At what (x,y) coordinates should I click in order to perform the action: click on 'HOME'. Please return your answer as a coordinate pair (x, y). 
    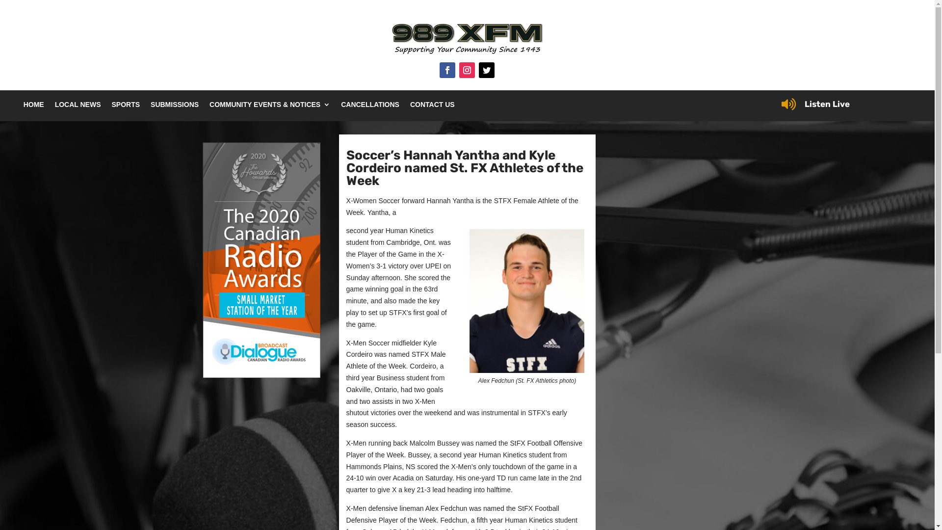
    Looking at the image, I should click on (33, 106).